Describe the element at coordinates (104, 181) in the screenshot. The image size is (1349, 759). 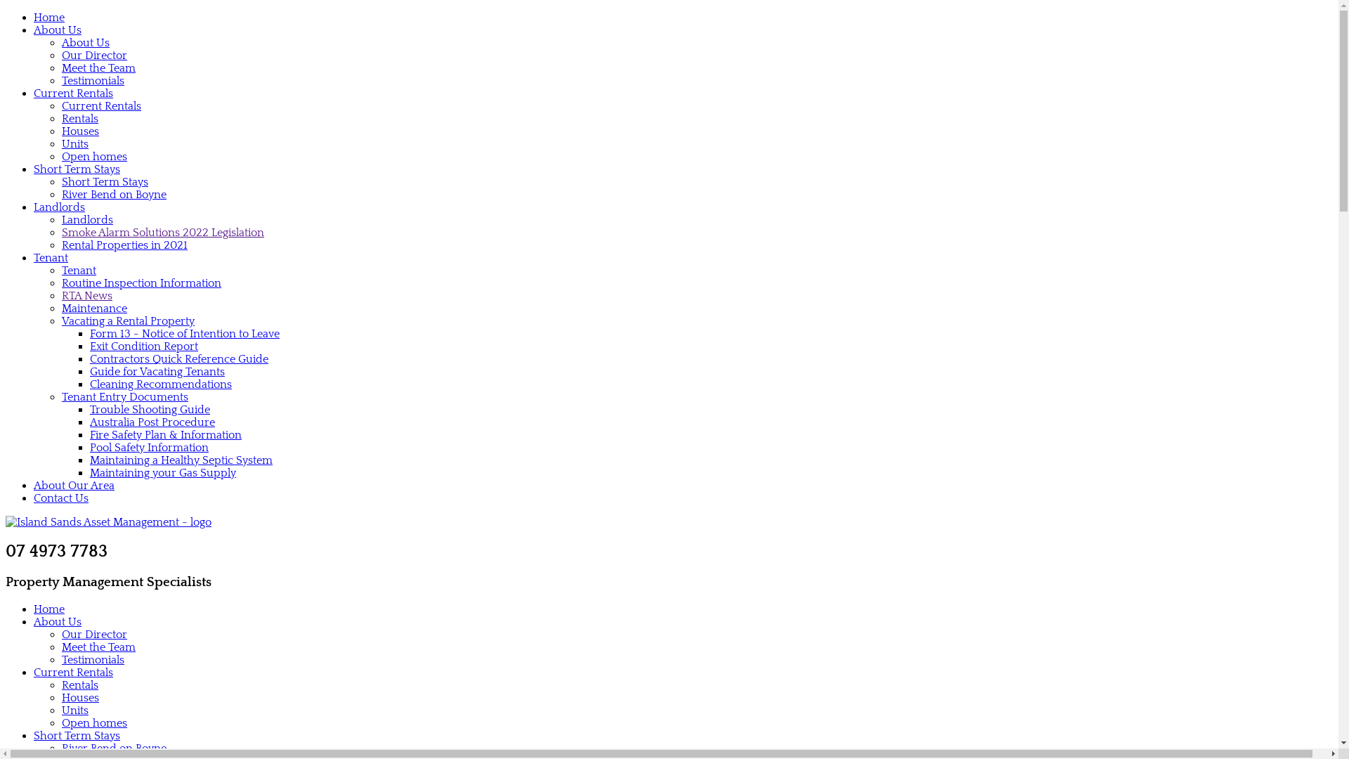
I see `'Short Term Stays'` at that location.